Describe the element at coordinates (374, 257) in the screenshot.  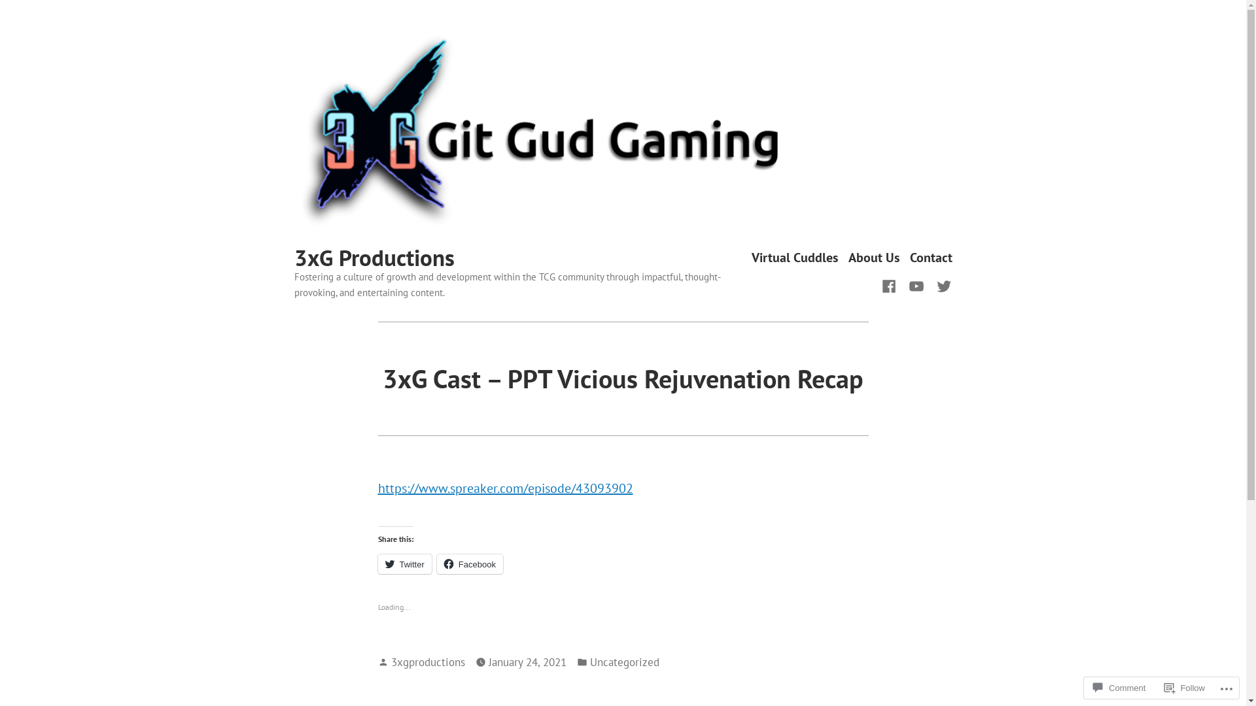
I see `'3xG Productions'` at that location.